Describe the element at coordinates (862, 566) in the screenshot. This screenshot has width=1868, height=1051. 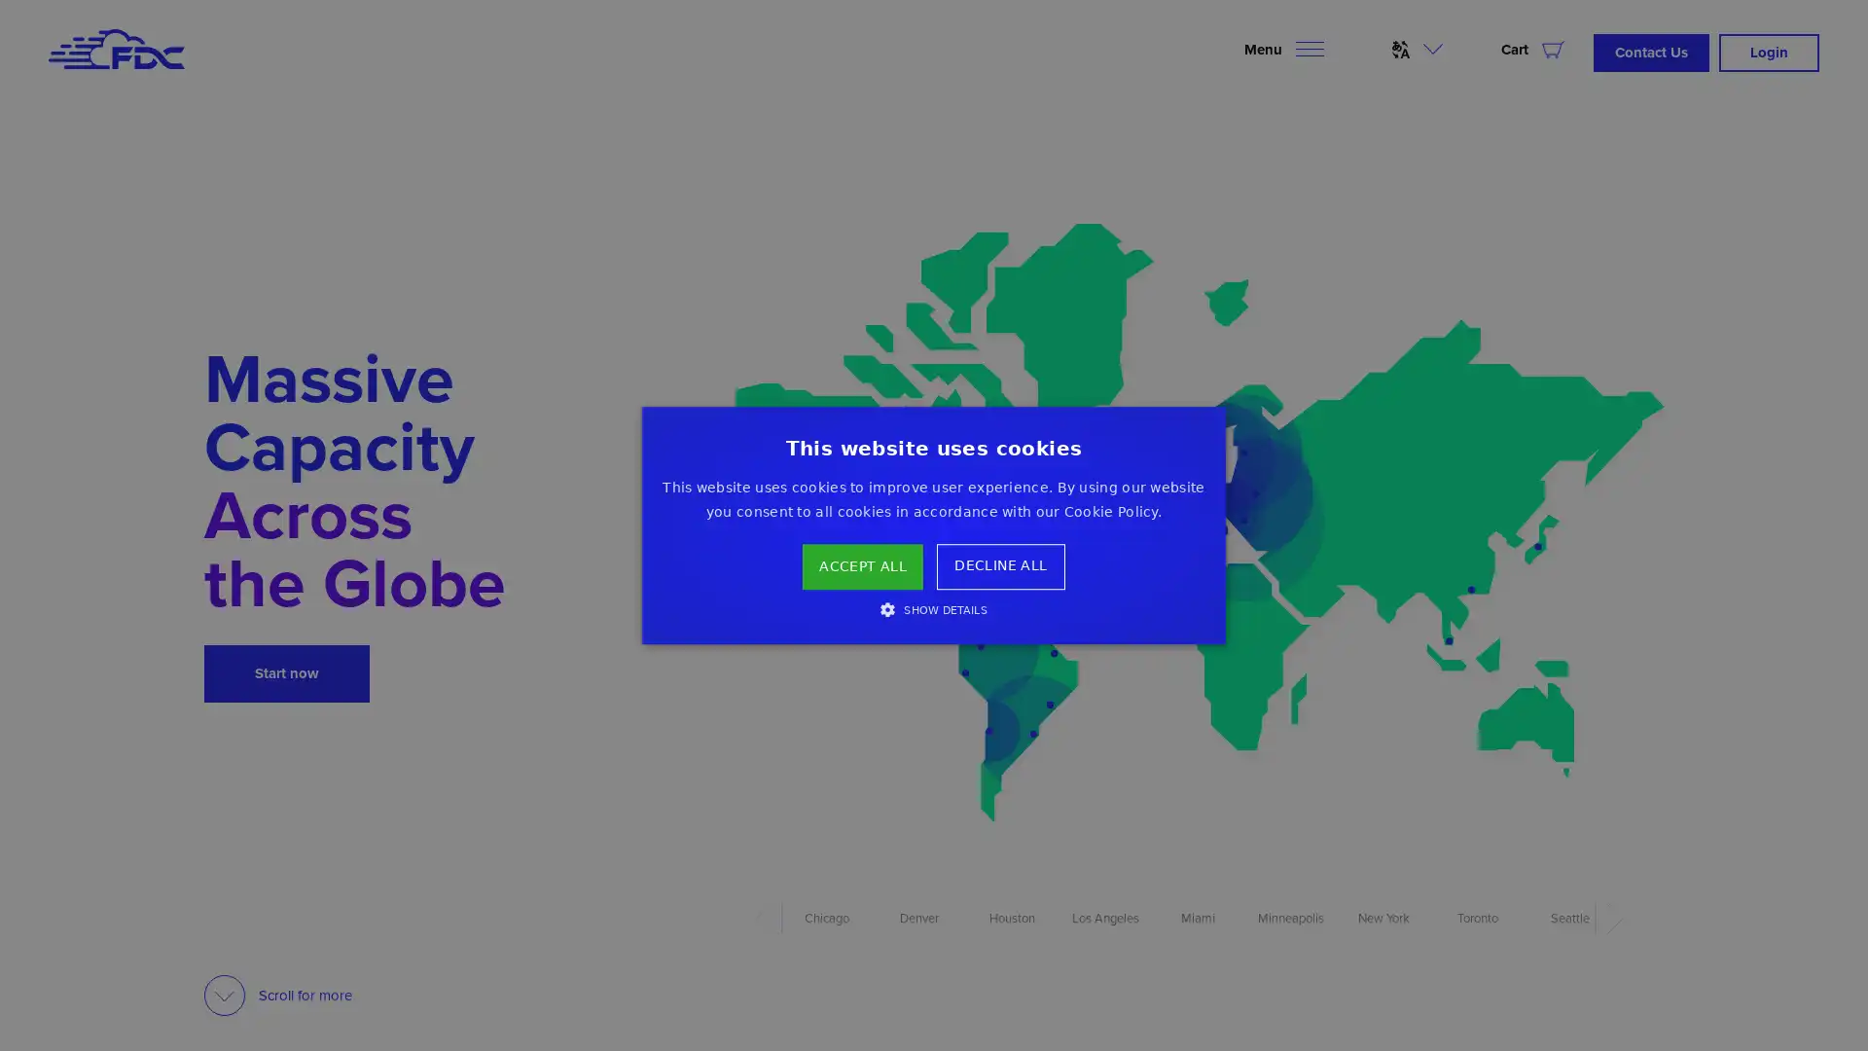
I see `ACCEPT ALL` at that location.